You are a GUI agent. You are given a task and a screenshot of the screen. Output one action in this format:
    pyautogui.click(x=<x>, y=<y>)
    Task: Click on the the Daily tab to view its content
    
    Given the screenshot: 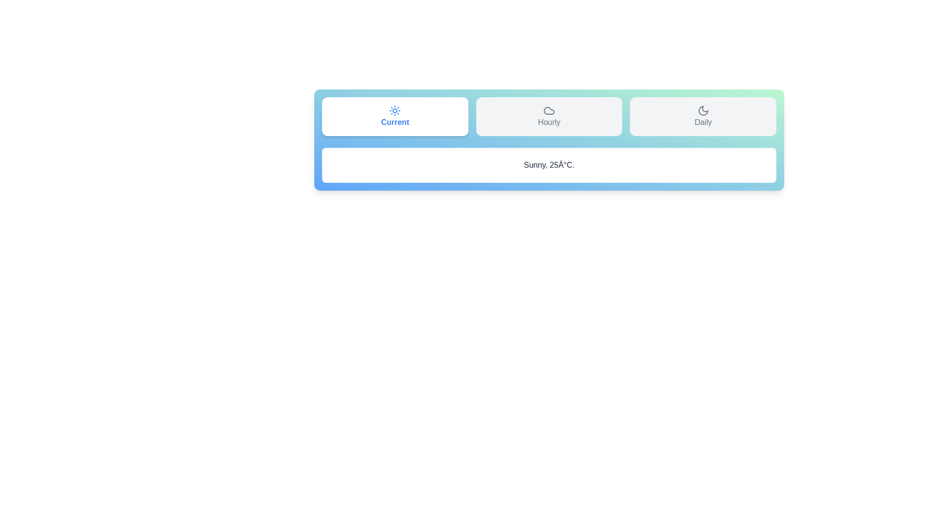 What is the action you would take?
    pyautogui.click(x=703, y=116)
    